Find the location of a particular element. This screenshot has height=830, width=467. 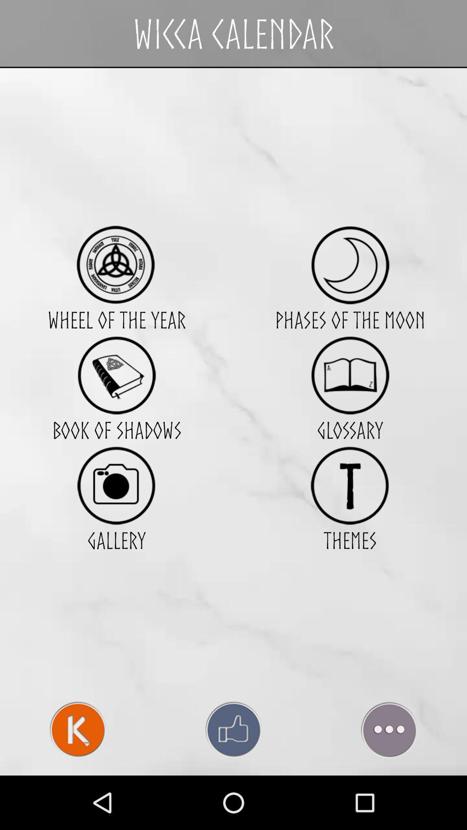

item above the wheel of the icon is located at coordinates (116, 265).